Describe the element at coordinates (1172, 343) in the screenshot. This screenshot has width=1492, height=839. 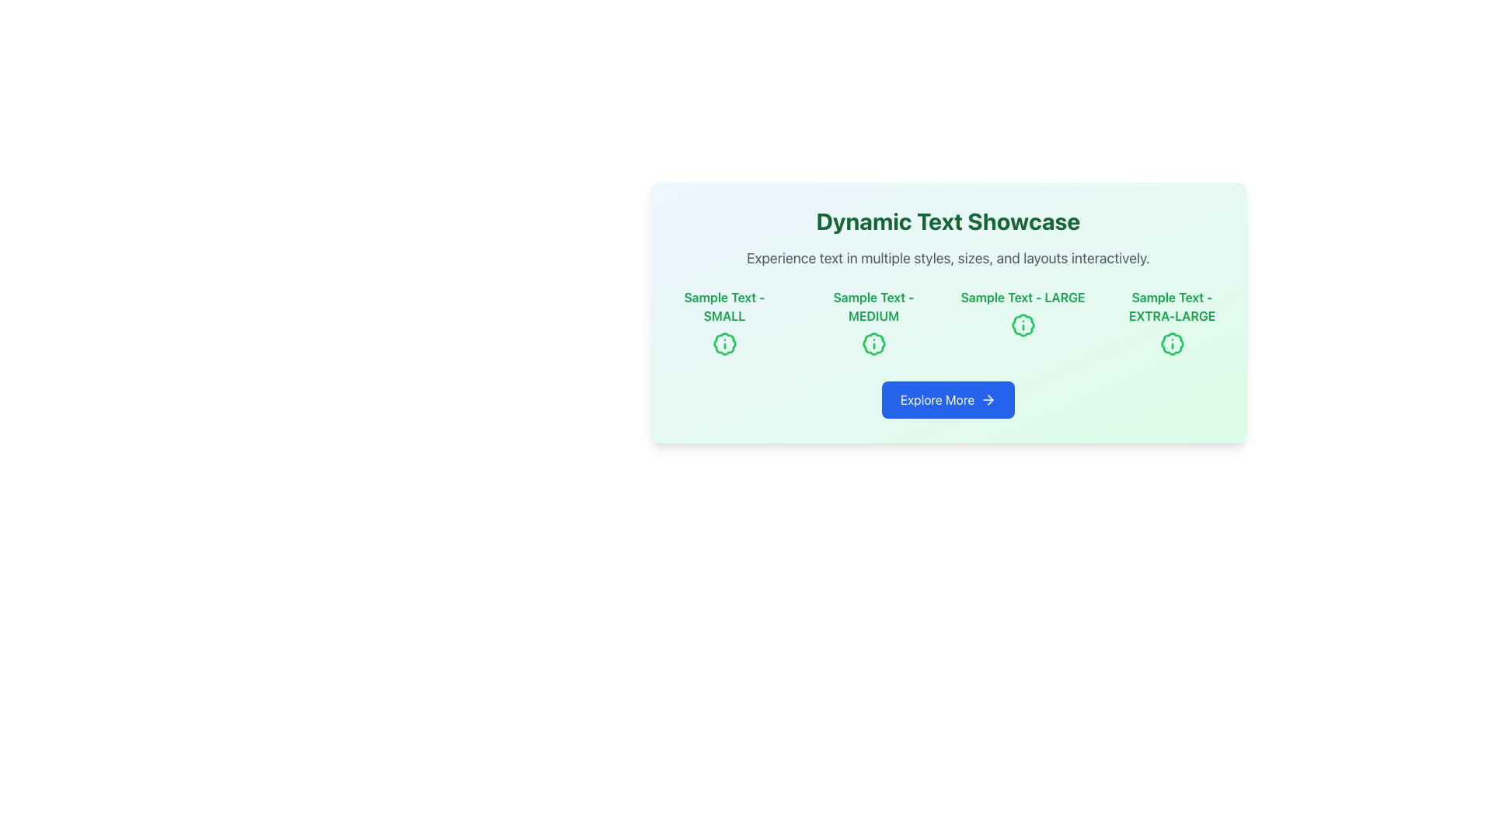
I see `the decorative graphic icon located underneath the 'Sample Text - EXTRA-LARGE' label, which is the fourth element in a horizontal grouping` at that location.